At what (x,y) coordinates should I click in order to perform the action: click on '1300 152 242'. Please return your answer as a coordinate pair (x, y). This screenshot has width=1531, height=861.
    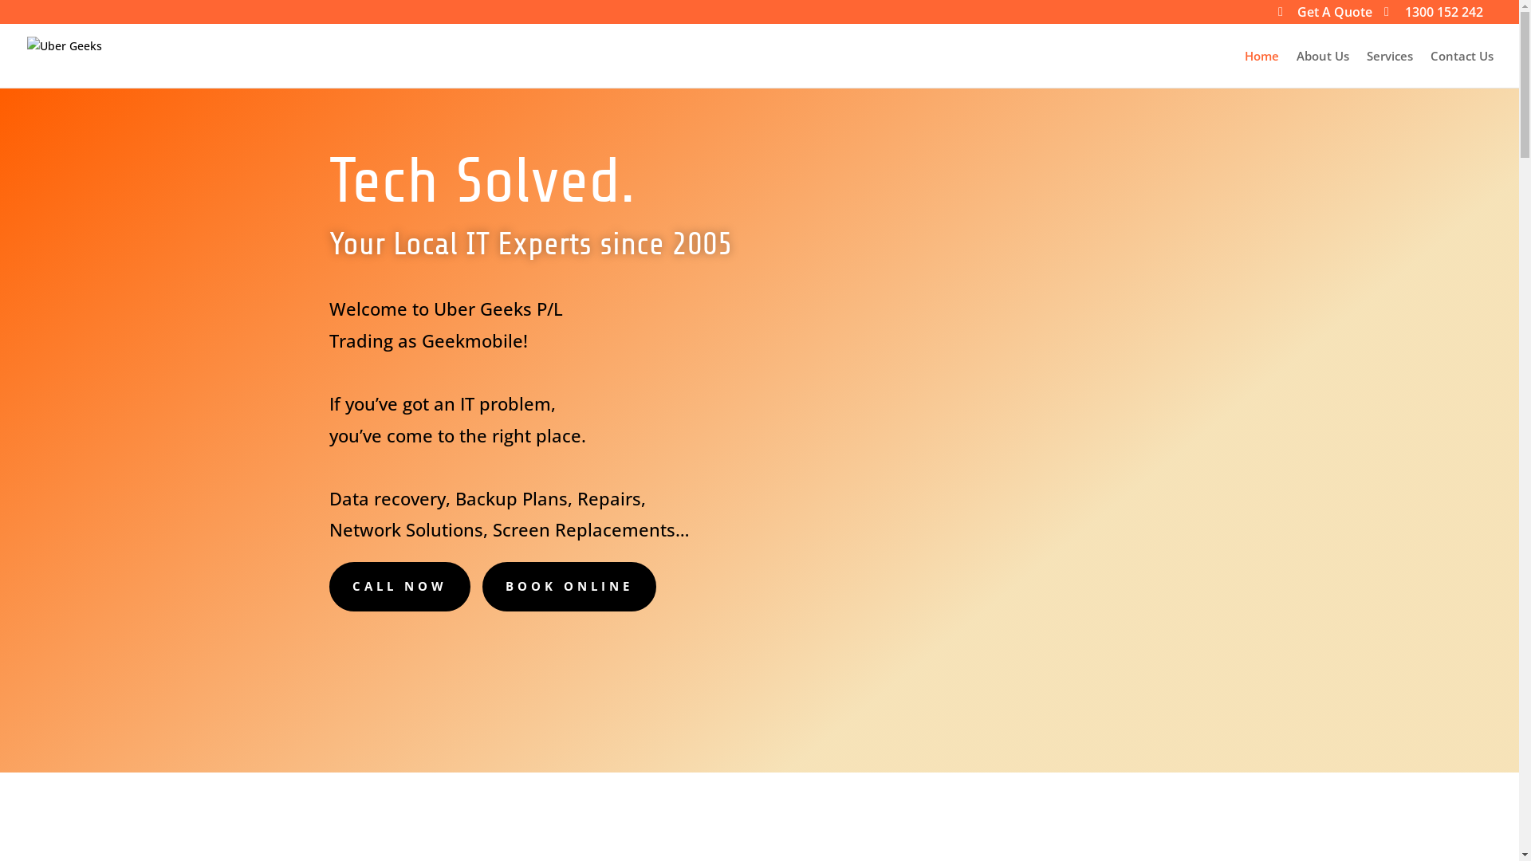
    Looking at the image, I should click on (1434, 16).